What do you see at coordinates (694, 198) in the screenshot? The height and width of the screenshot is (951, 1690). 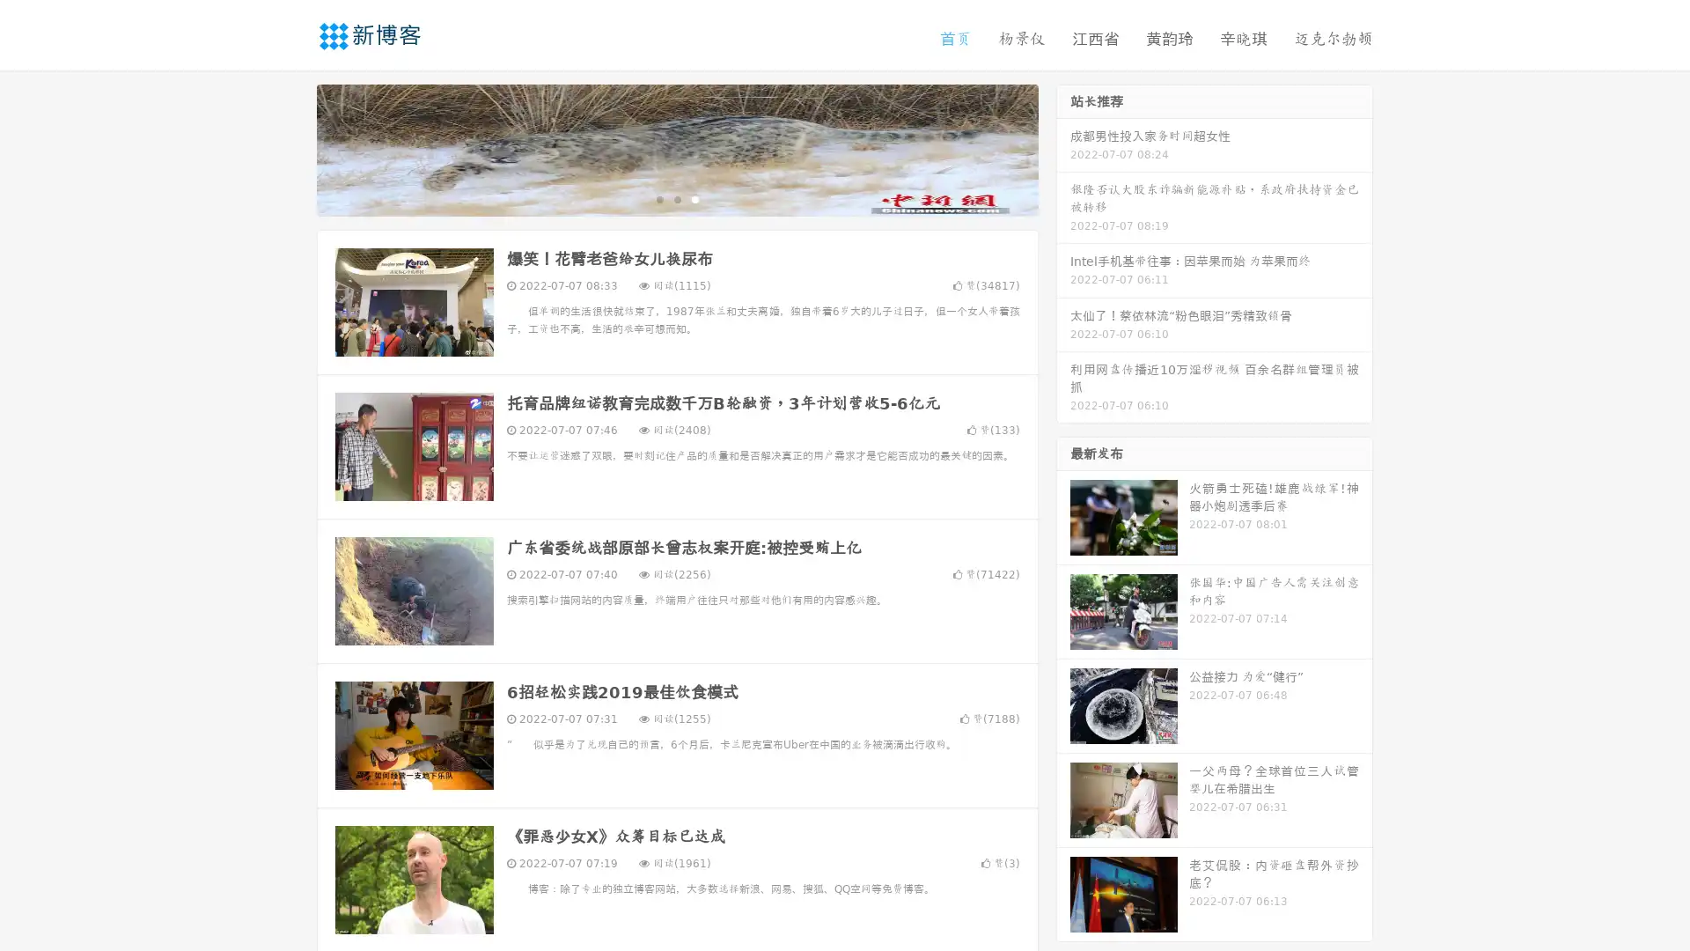 I see `Go to slide 3` at bounding box center [694, 198].